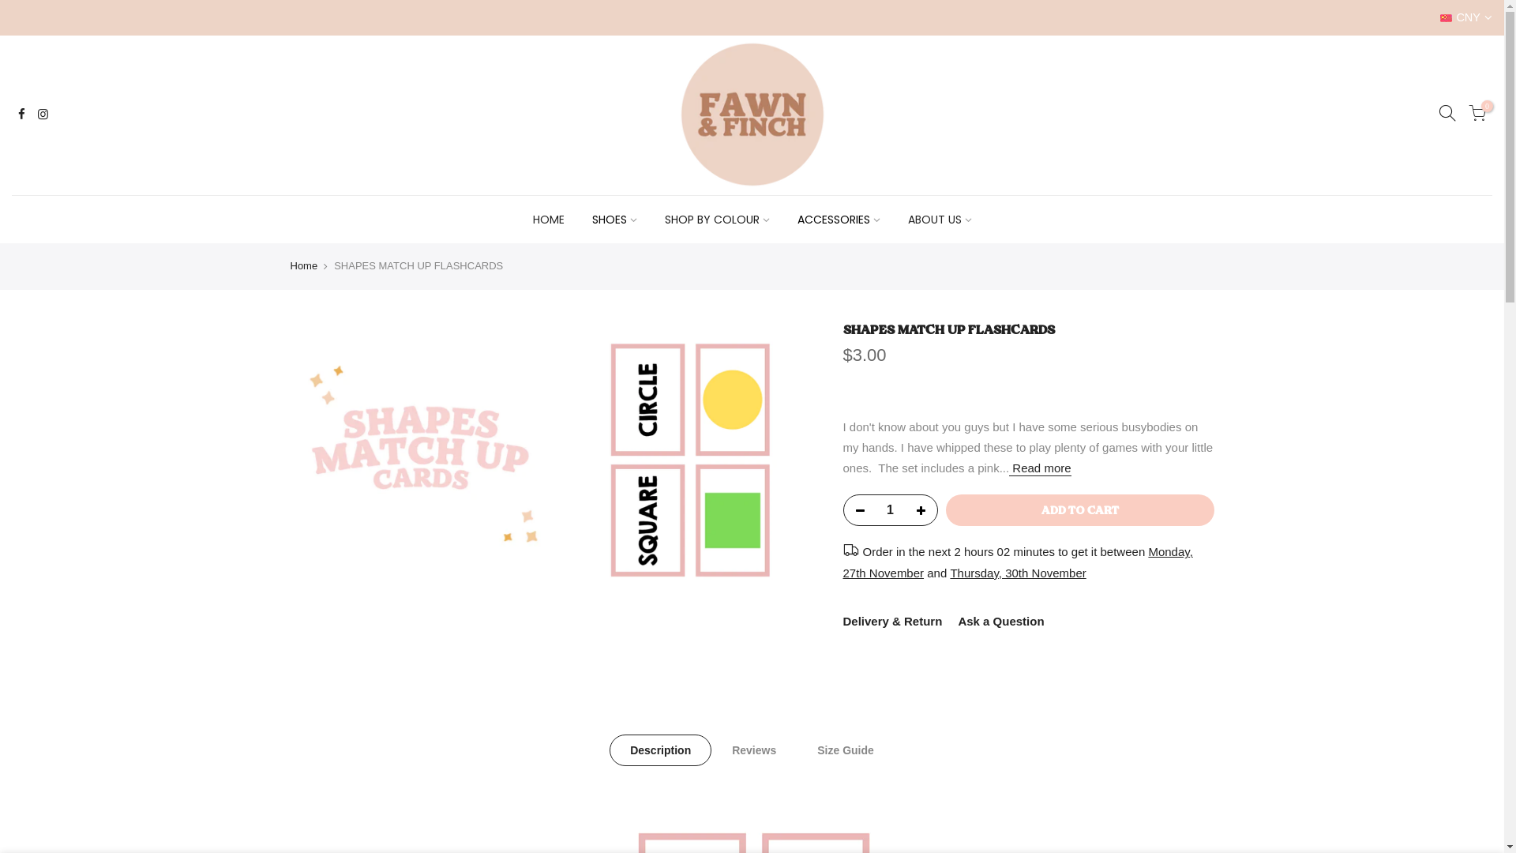 Image resolution: width=1516 pixels, height=853 pixels. I want to click on 'ADD TO CART', so click(1079, 509).